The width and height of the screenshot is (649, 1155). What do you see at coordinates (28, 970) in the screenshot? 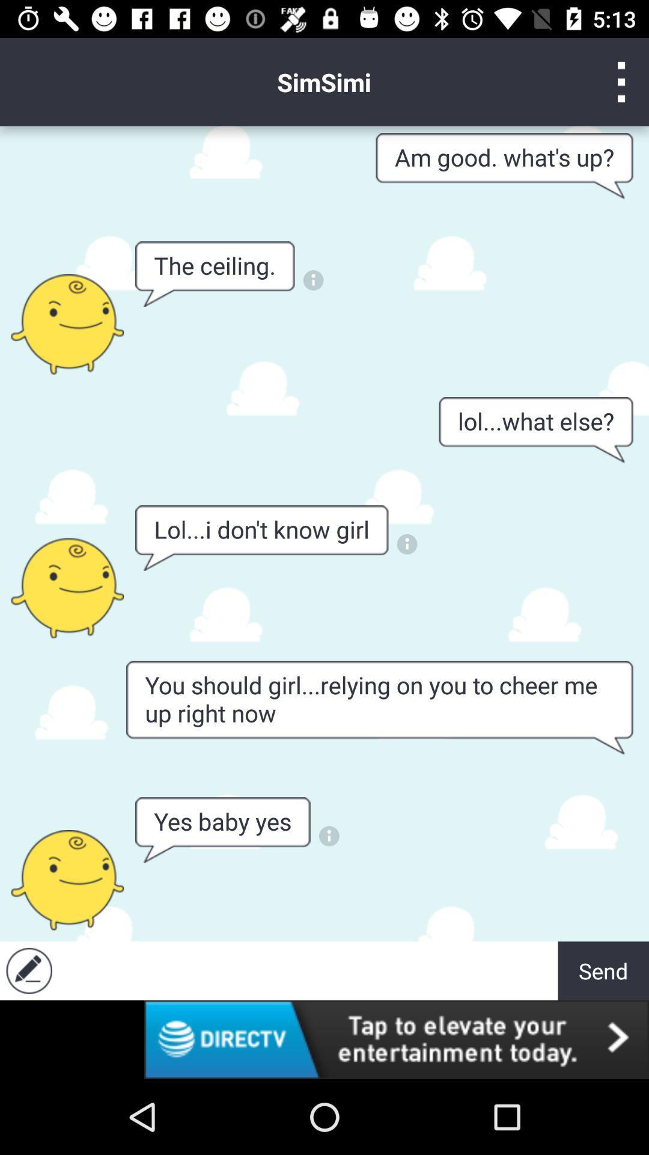
I see `edit option` at bounding box center [28, 970].